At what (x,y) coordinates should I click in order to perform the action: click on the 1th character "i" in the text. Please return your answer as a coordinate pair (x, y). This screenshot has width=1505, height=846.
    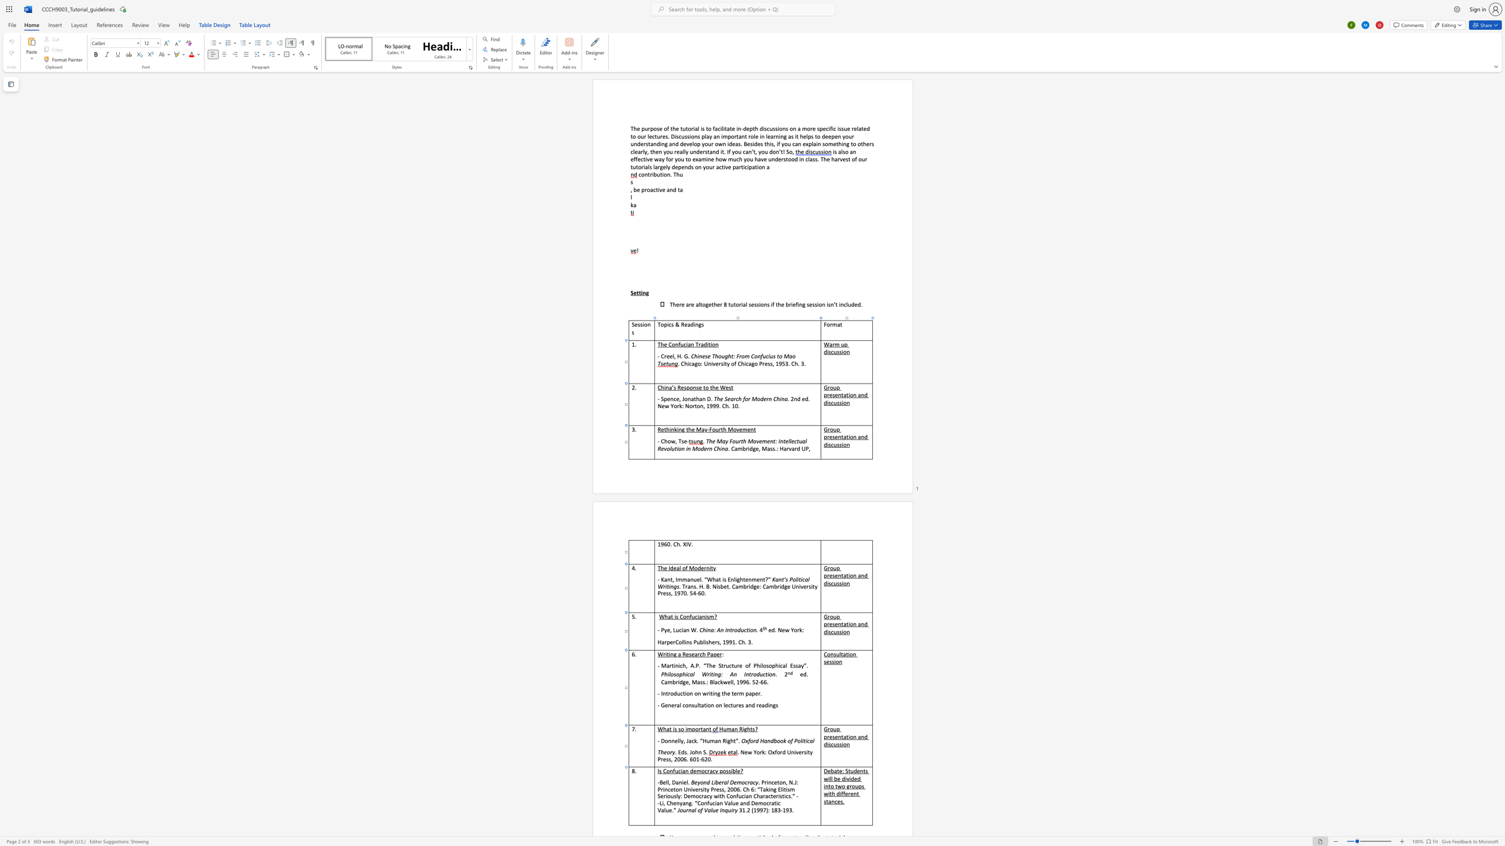
    Looking at the image, I should click on (681, 771).